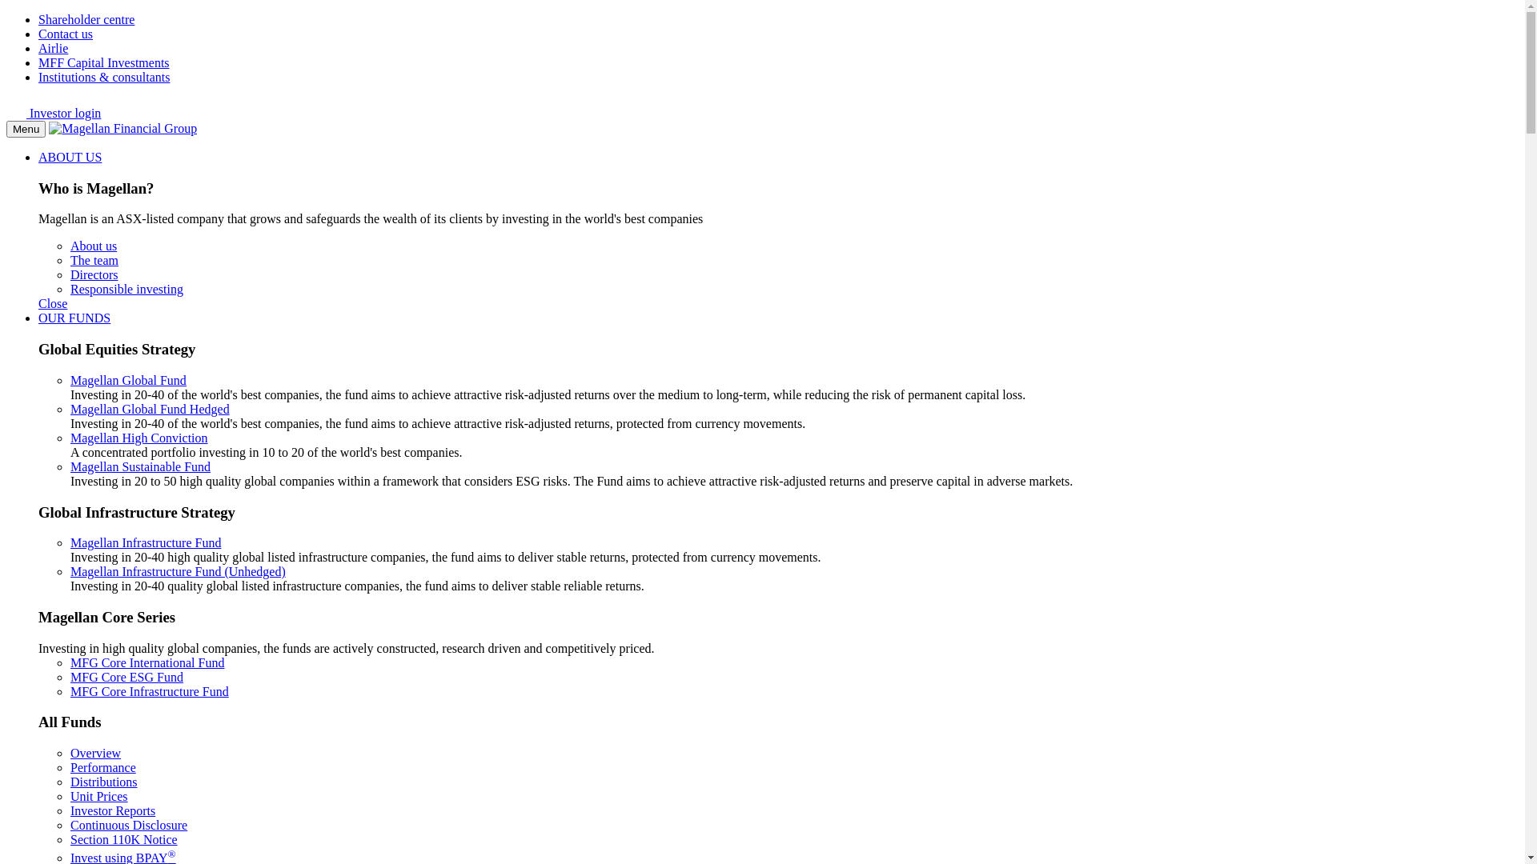 The image size is (1537, 864). Describe the element at coordinates (69, 677) in the screenshot. I see `'MFG Core ESG Fund'` at that location.